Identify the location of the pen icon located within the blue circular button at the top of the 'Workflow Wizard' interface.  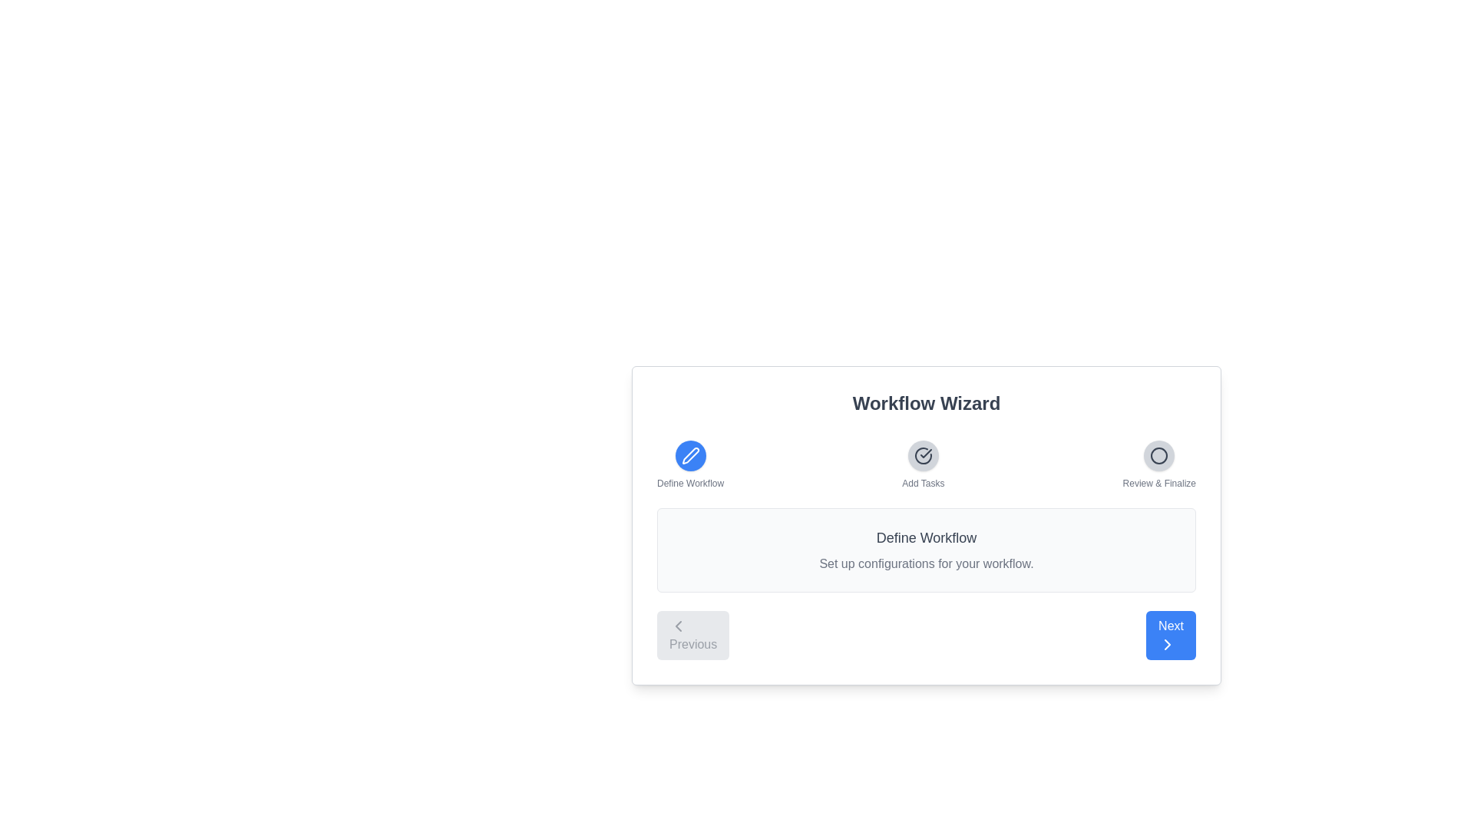
(689, 455).